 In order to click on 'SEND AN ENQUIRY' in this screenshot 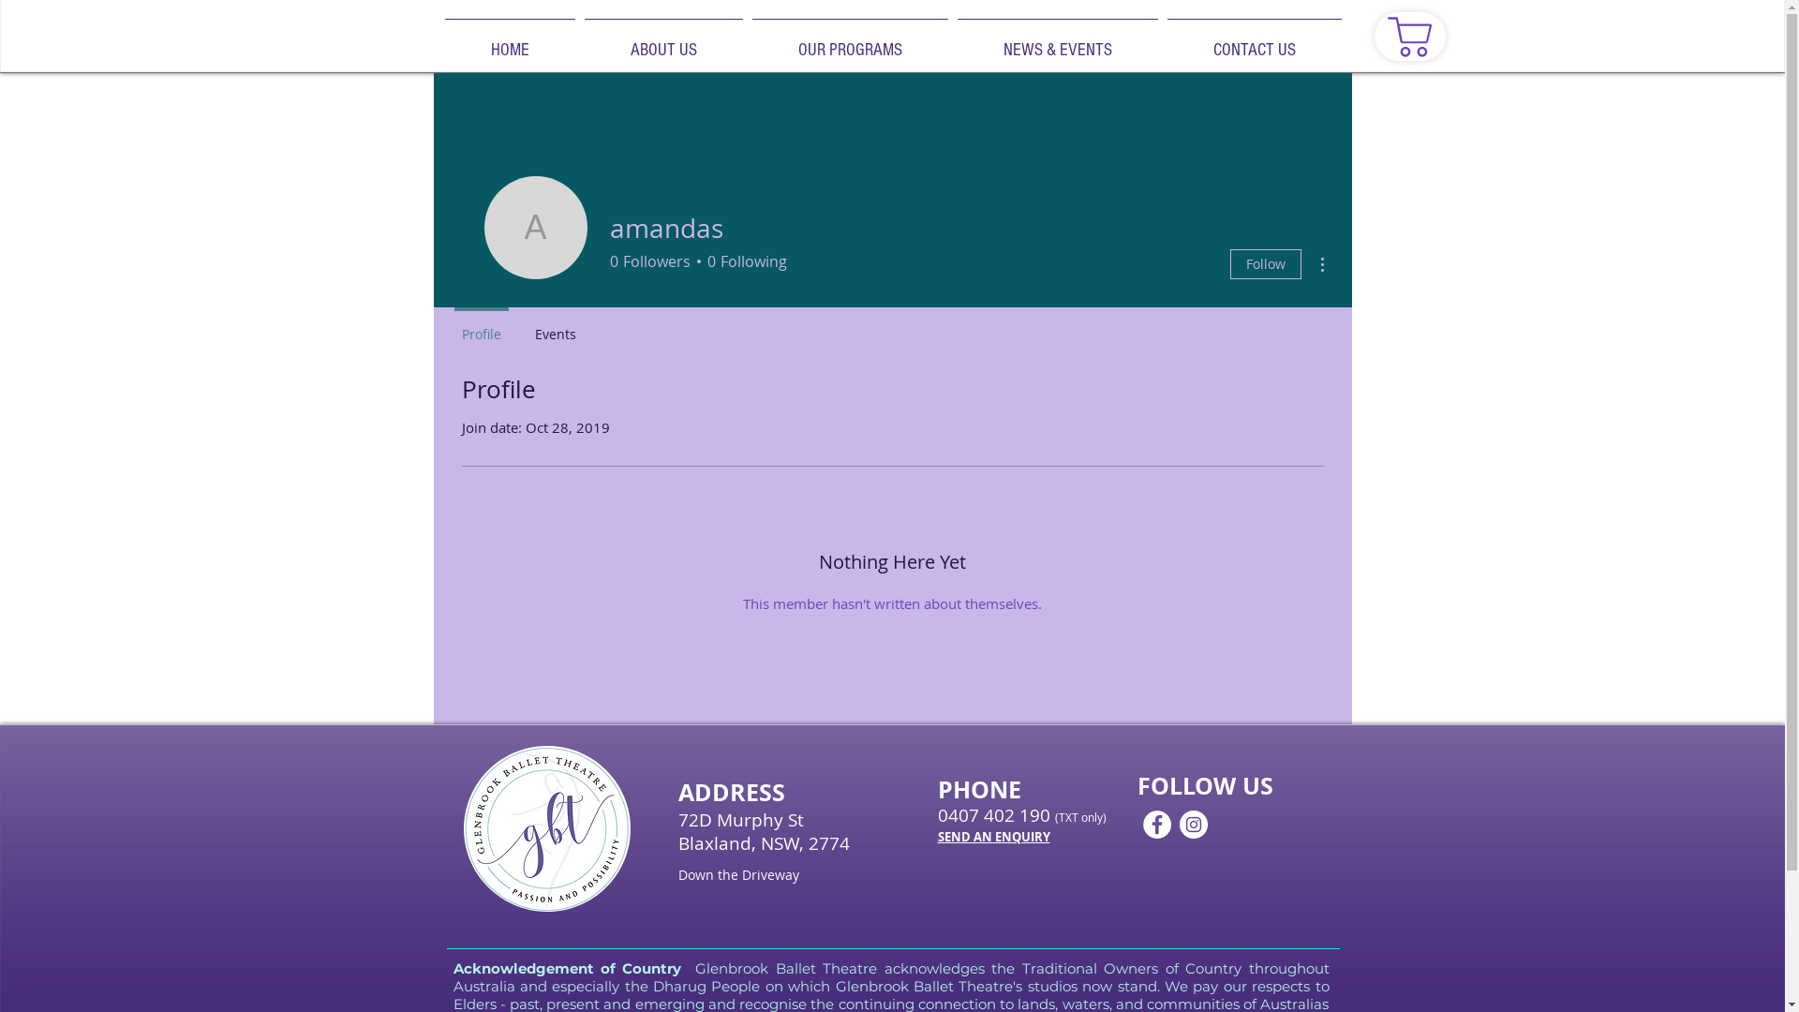, I will do `click(936, 836)`.